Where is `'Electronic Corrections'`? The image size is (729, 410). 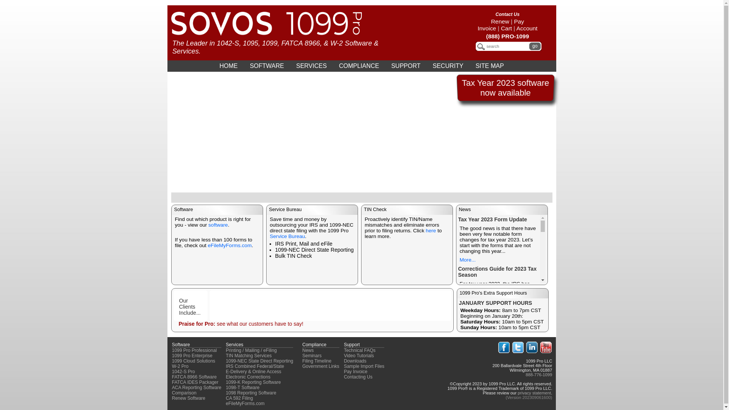 'Electronic Corrections' is located at coordinates (248, 377).